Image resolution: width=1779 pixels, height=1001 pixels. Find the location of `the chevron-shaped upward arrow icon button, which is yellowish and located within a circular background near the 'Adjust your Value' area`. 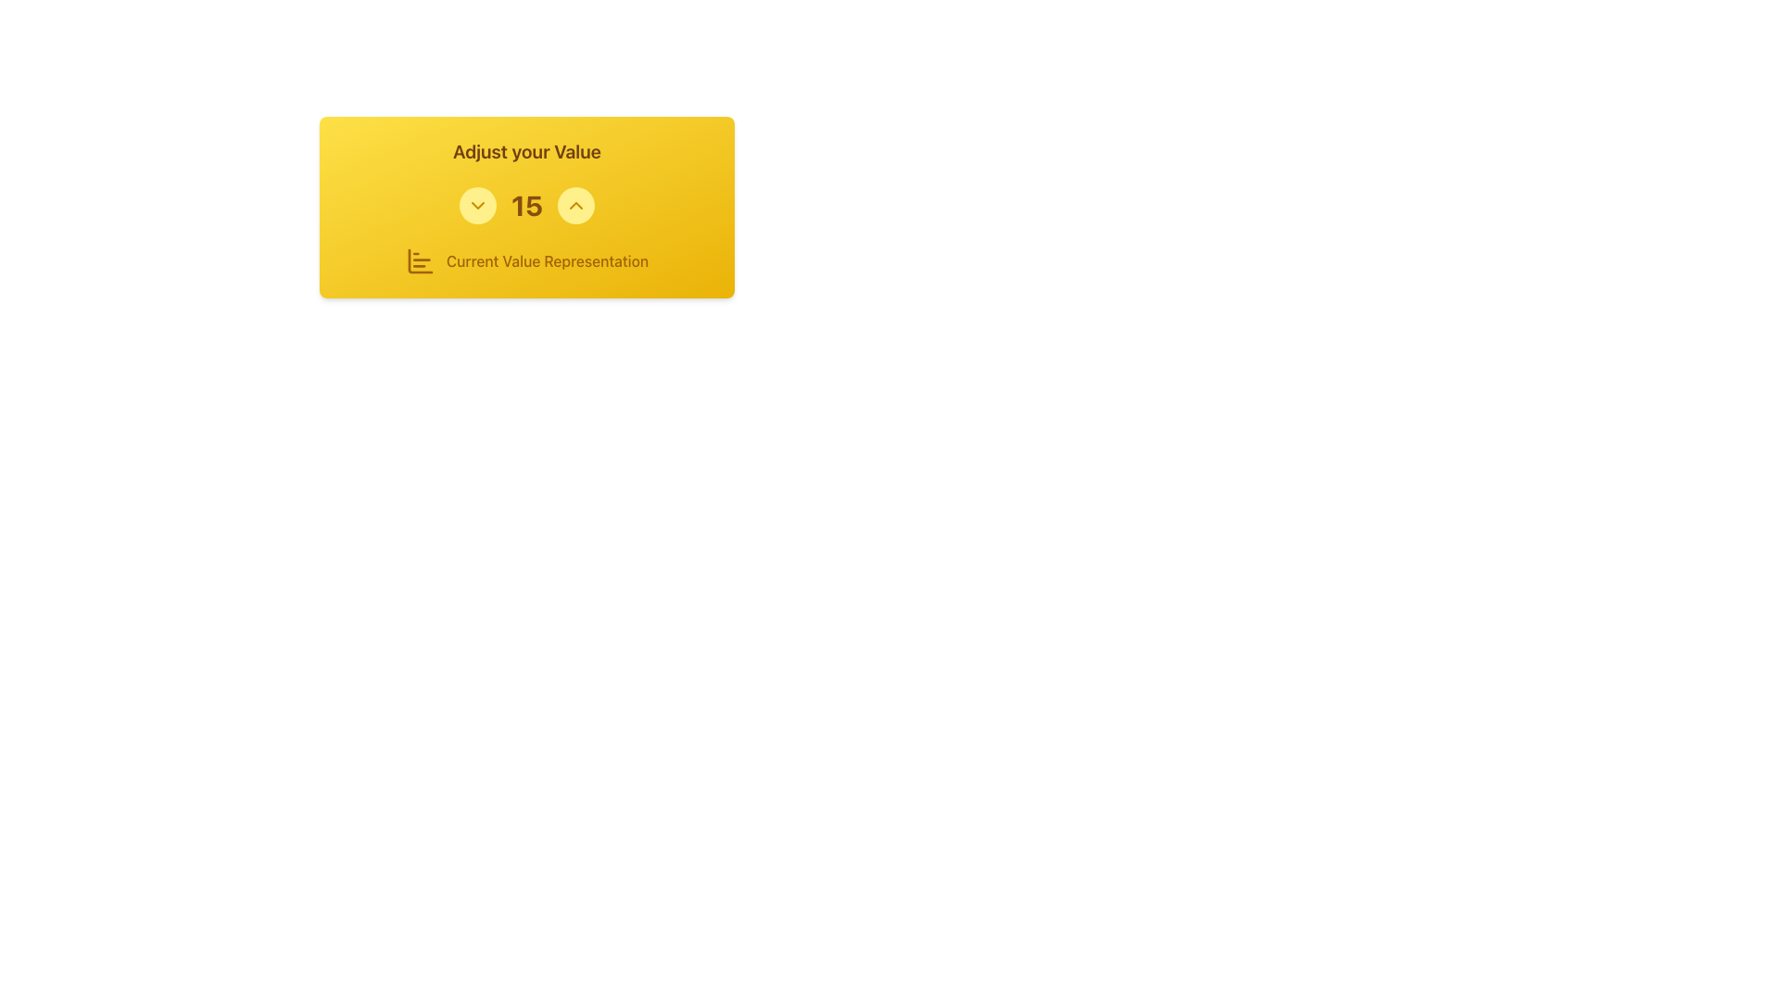

the chevron-shaped upward arrow icon button, which is yellowish and located within a circular background near the 'Adjust your Value' area is located at coordinates (574, 206).